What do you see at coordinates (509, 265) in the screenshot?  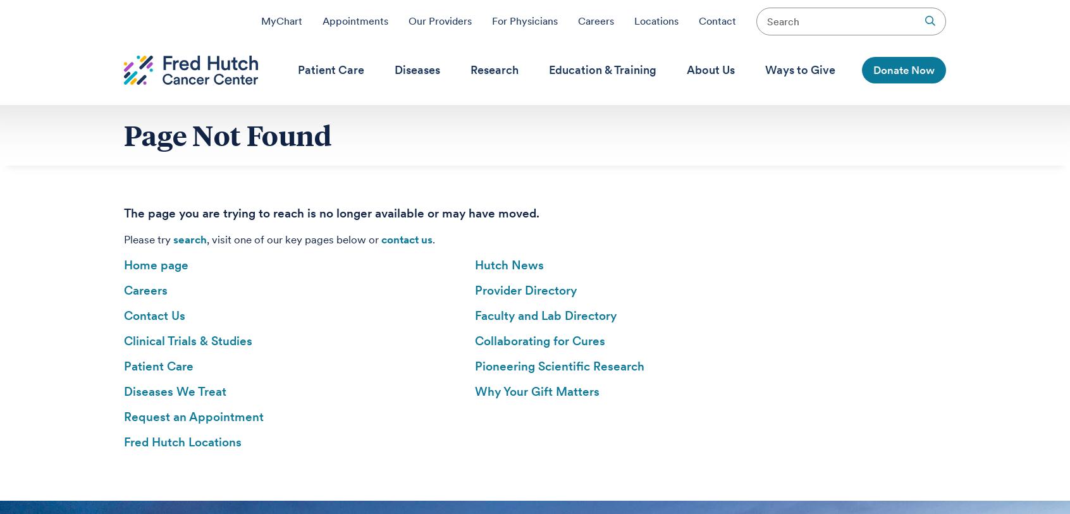 I see `'Hutch News'` at bounding box center [509, 265].